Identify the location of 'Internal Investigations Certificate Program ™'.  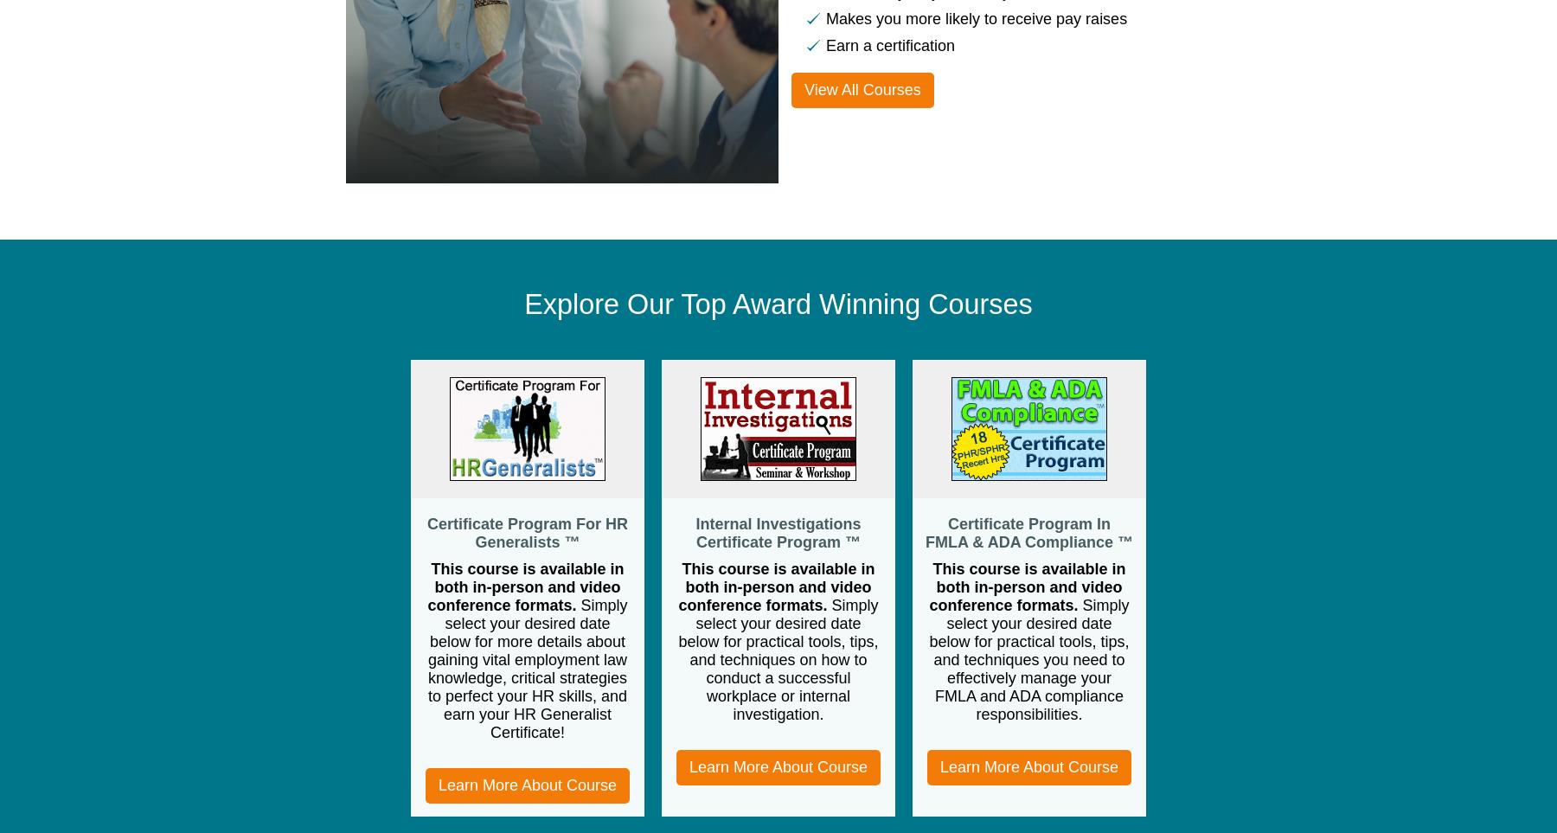
(778, 531).